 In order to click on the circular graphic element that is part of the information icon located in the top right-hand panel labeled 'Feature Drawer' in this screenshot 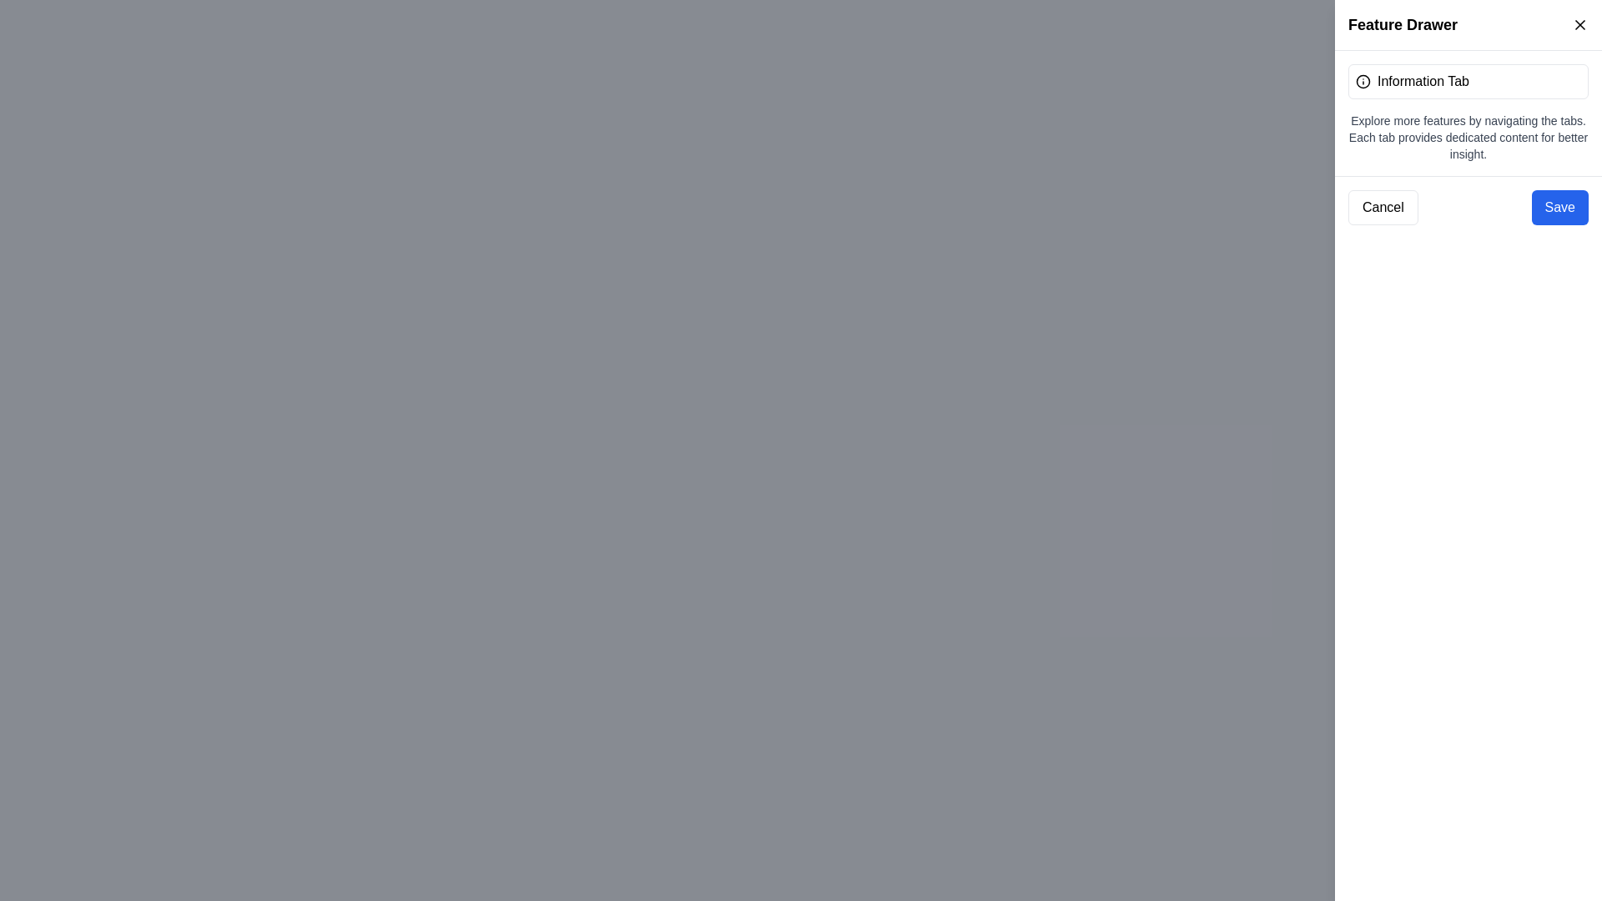, I will do `click(1363, 81)`.